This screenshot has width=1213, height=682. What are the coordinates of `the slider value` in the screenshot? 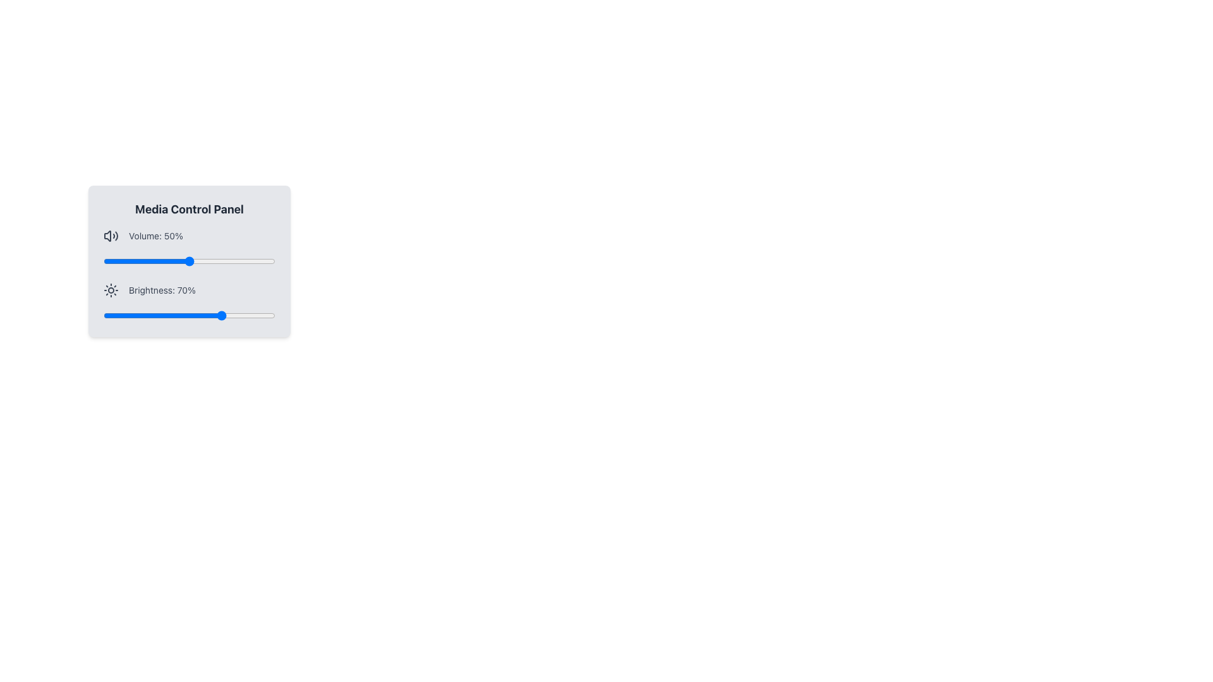 It's located at (220, 260).